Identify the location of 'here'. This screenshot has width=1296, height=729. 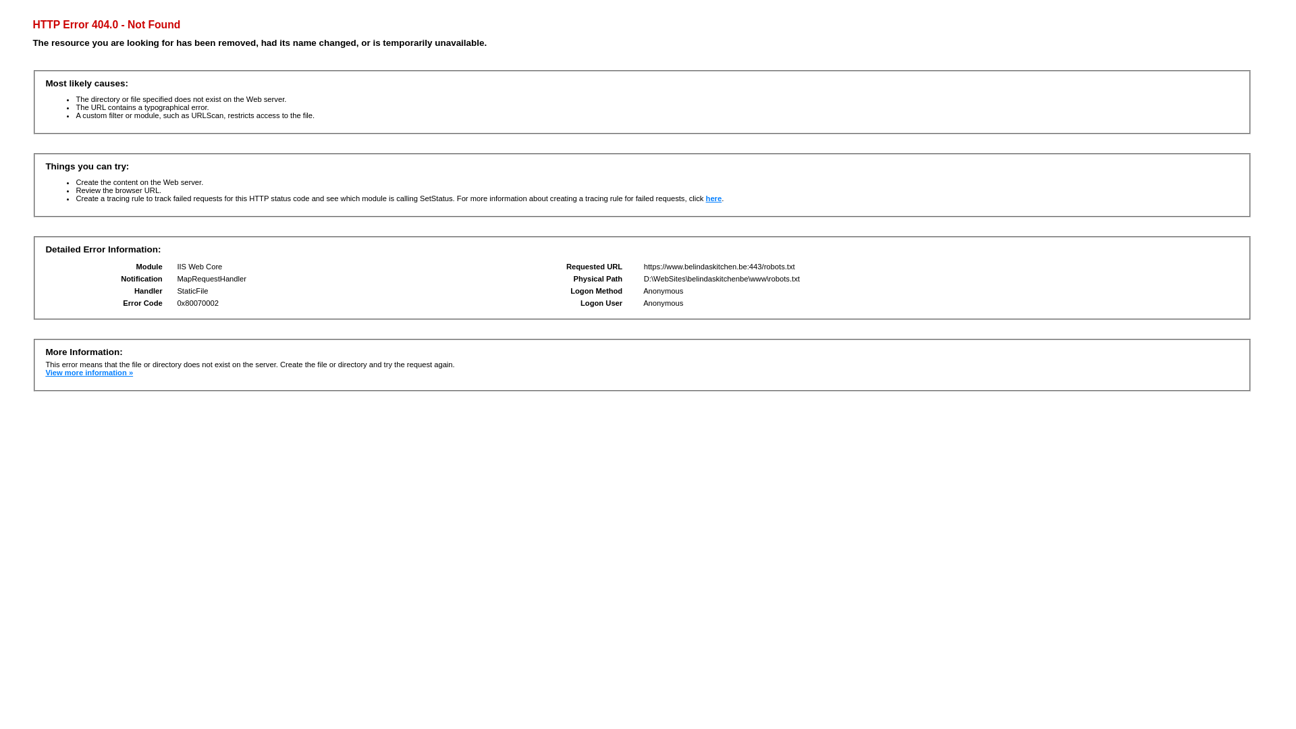
(713, 198).